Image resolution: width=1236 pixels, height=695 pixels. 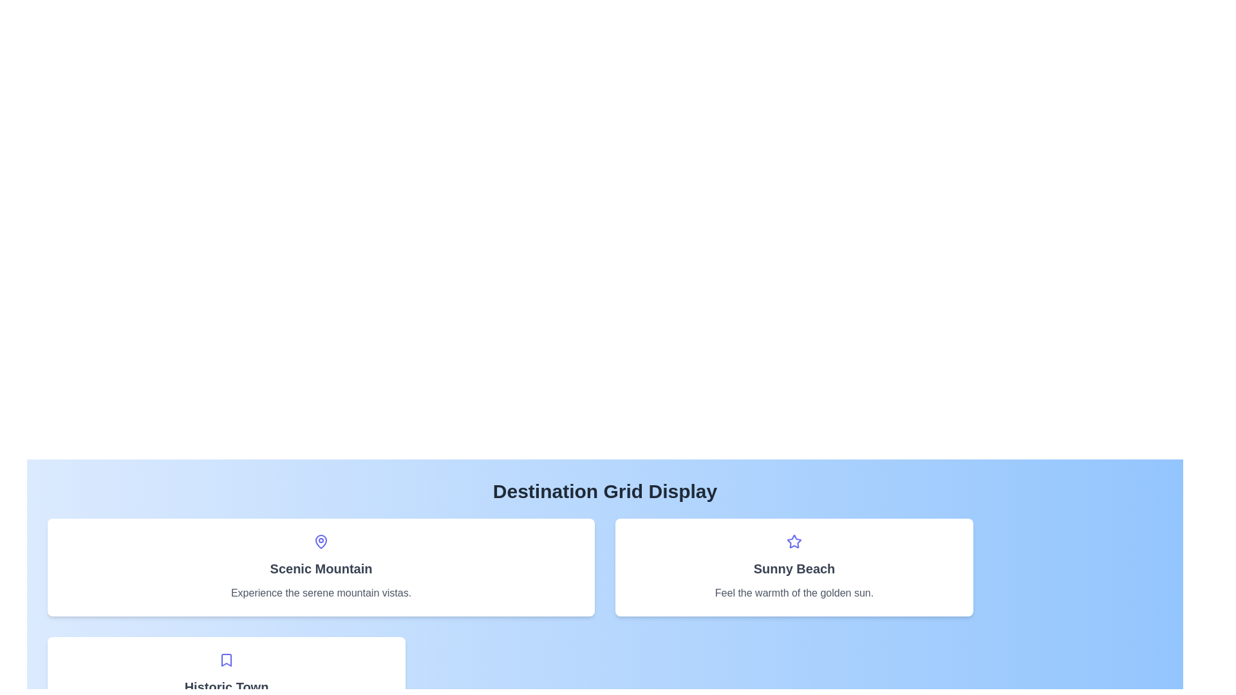 I want to click on the star-shaped outline icon above the text 'Sunny Beach', so click(x=793, y=541).